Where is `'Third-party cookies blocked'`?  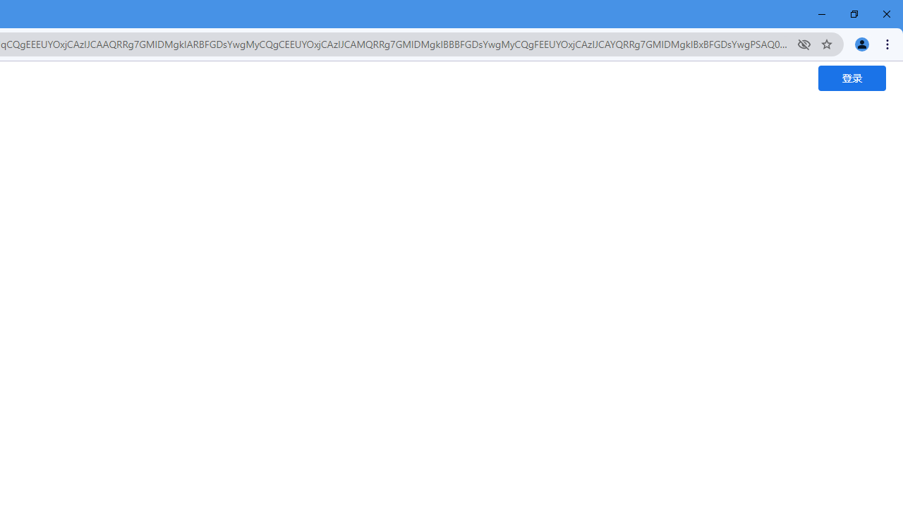
'Third-party cookies blocked' is located at coordinates (804, 43).